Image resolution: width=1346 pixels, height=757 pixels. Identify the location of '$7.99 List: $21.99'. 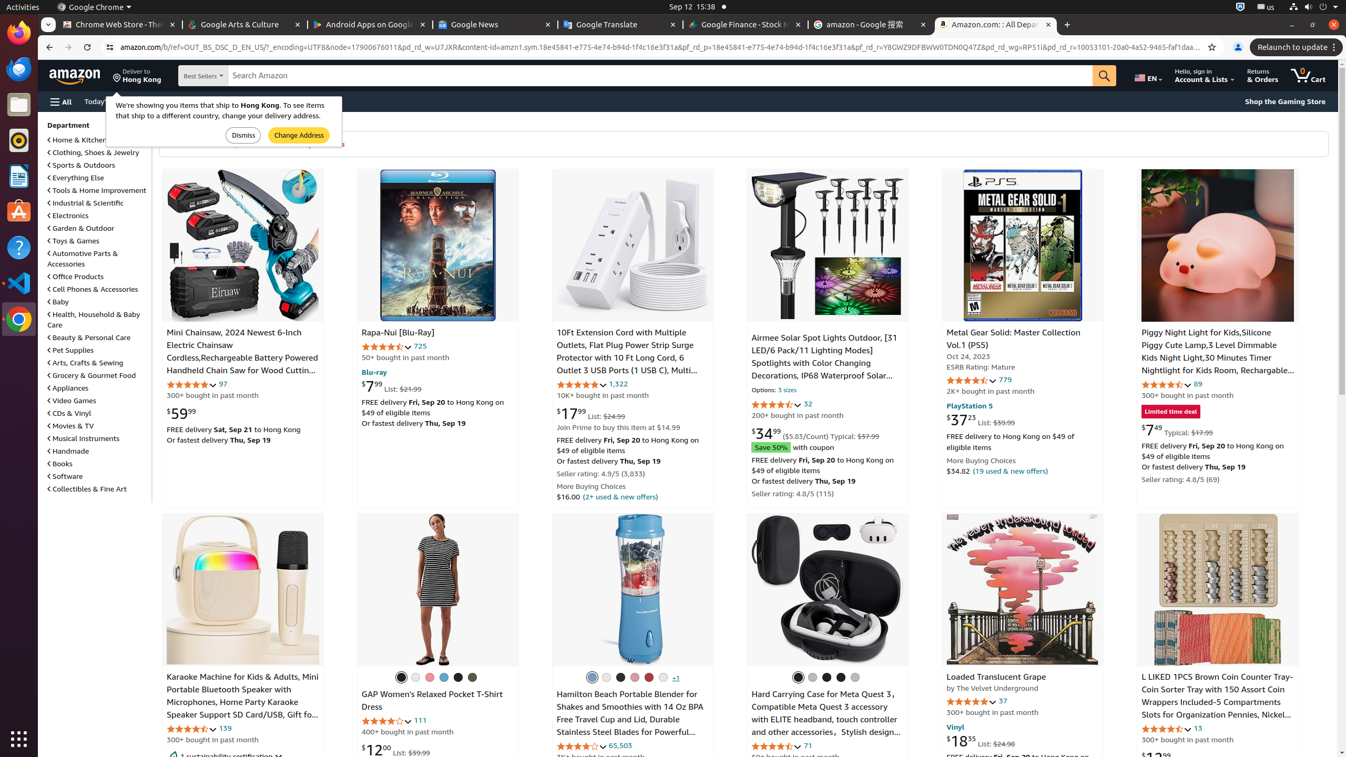
(391, 385).